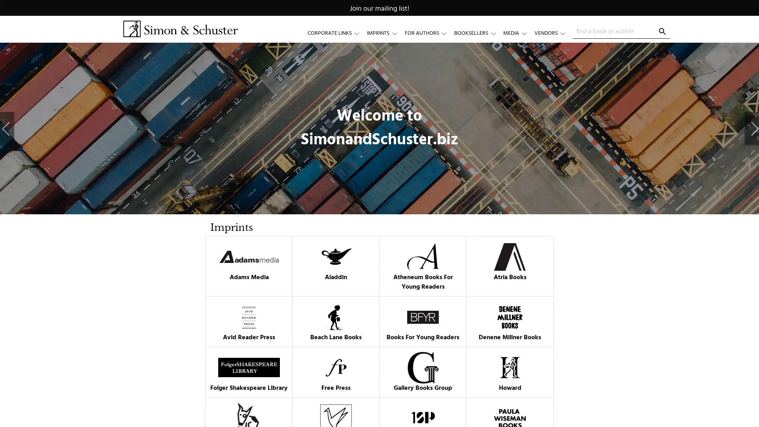 The height and width of the screenshot is (427, 759). I want to click on Simon & Schuster Logo, so click(180, 28).